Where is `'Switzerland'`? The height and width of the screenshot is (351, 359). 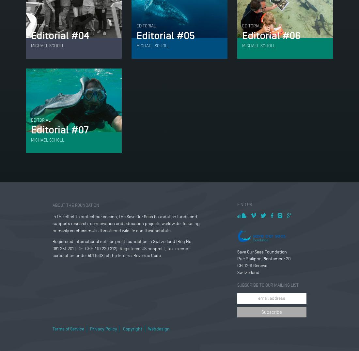 'Switzerland' is located at coordinates (237, 272).